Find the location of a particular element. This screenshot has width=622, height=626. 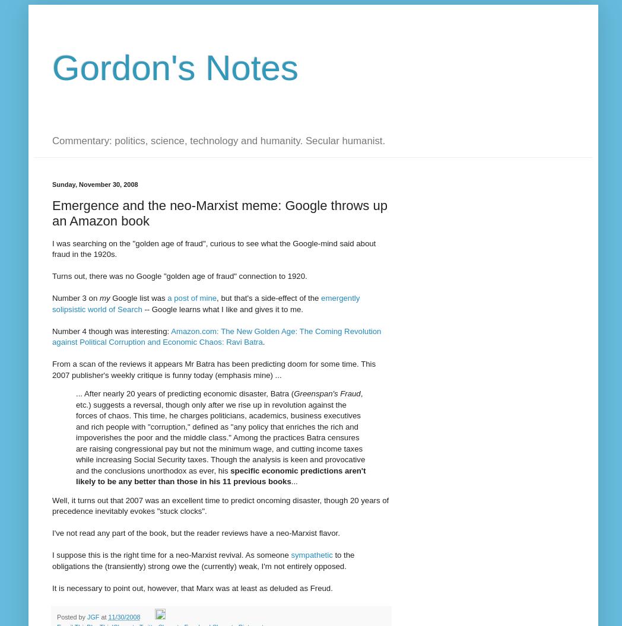

'Turns out, there was no Google "golden age of fraud" connection to 1920.' is located at coordinates (179, 275).